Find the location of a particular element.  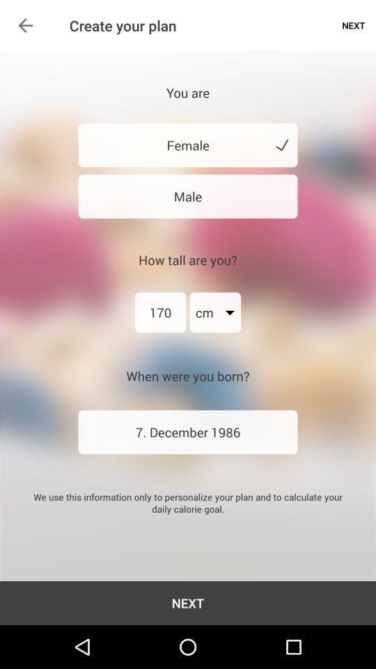

the item to the left of the cm item is located at coordinates (159, 312).